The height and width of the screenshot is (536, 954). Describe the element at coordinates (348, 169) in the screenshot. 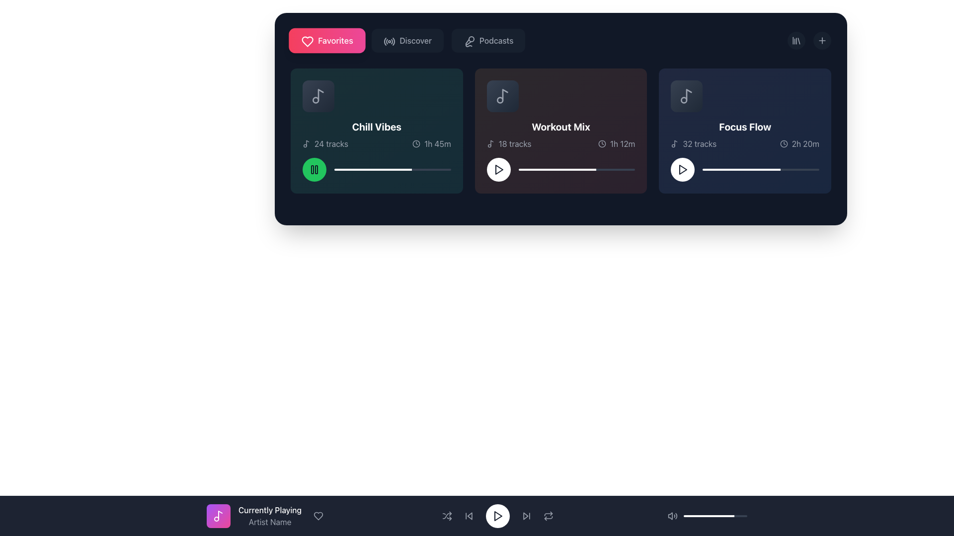

I see `the slider` at that location.